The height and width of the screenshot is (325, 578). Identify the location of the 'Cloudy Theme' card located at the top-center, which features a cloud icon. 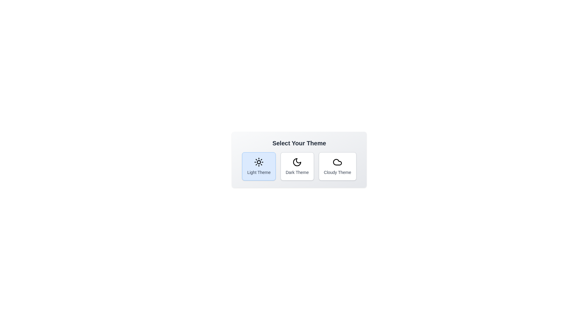
(337, 162).